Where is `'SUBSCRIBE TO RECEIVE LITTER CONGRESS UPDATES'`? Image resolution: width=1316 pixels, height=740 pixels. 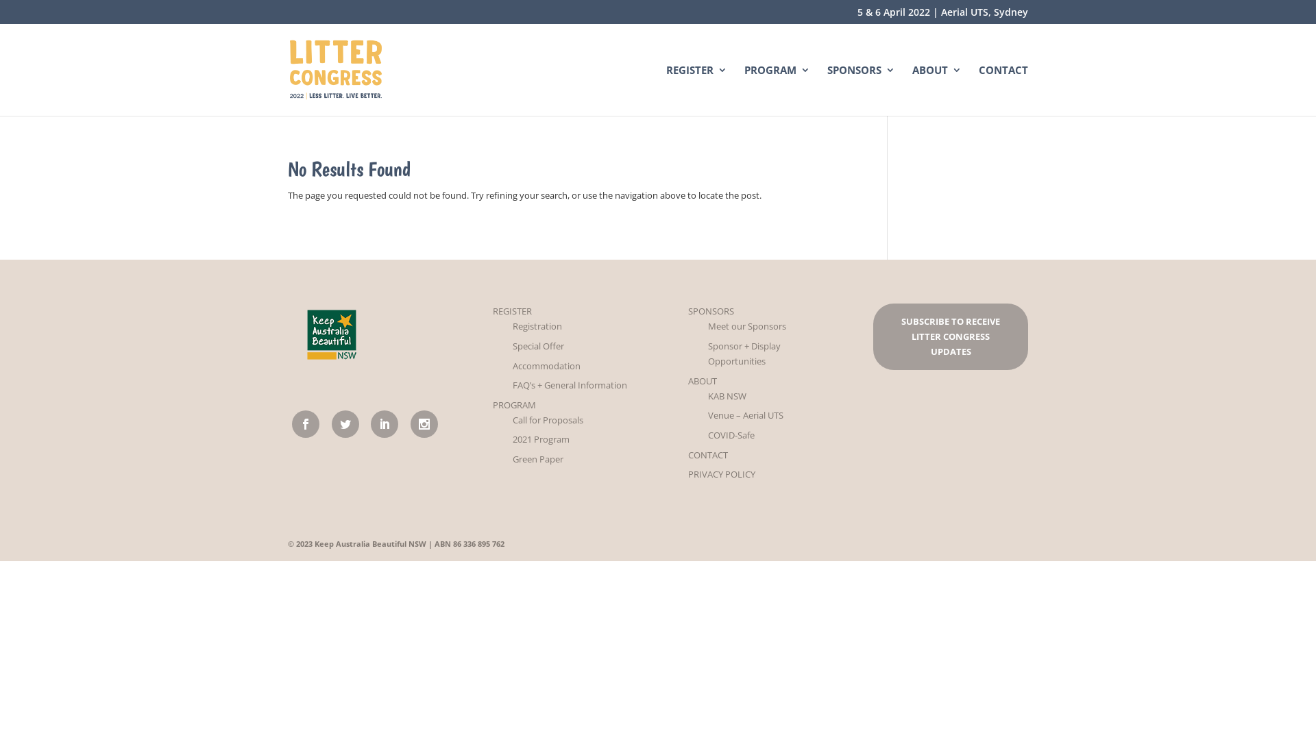
'SUBSCRIBE TO RECEIVE LITTER CONGRESS UPDATES' is located at coordinates (949, 336).